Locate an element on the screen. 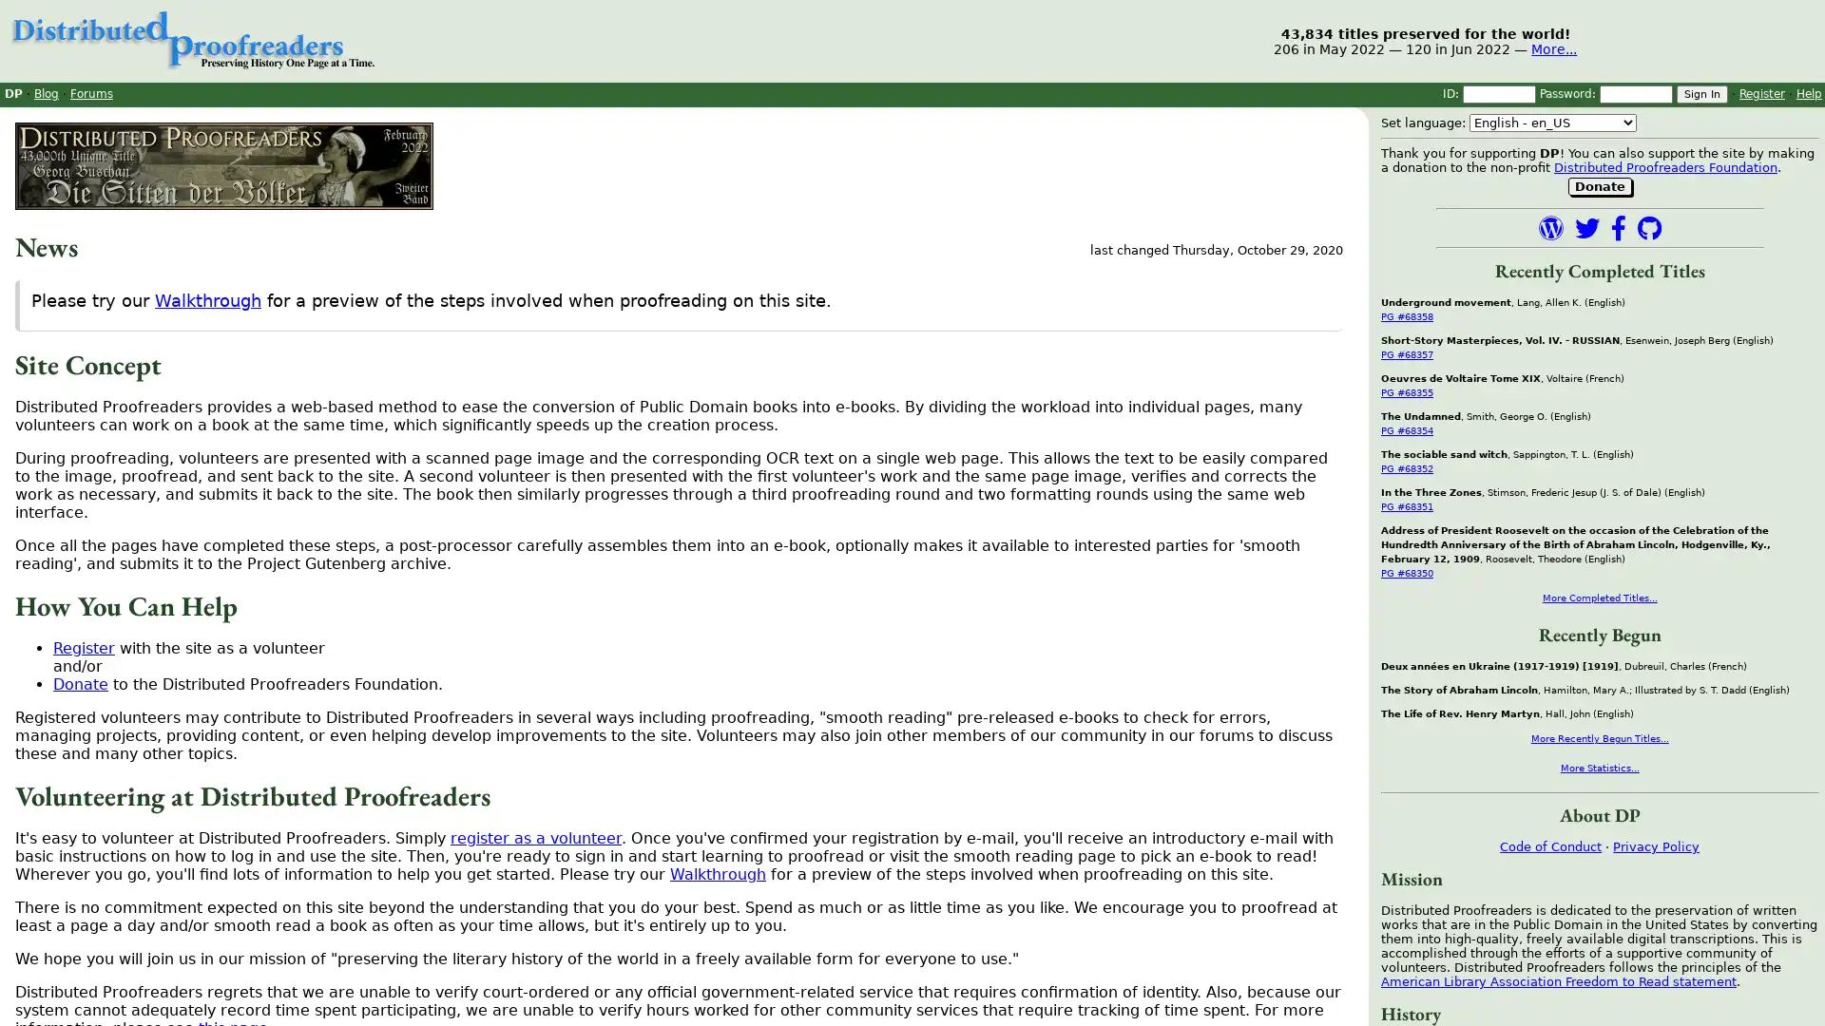 Image resolution: width=1825 pixels, height=1026 pixels. Donate is located at coordinates (1598, 185).